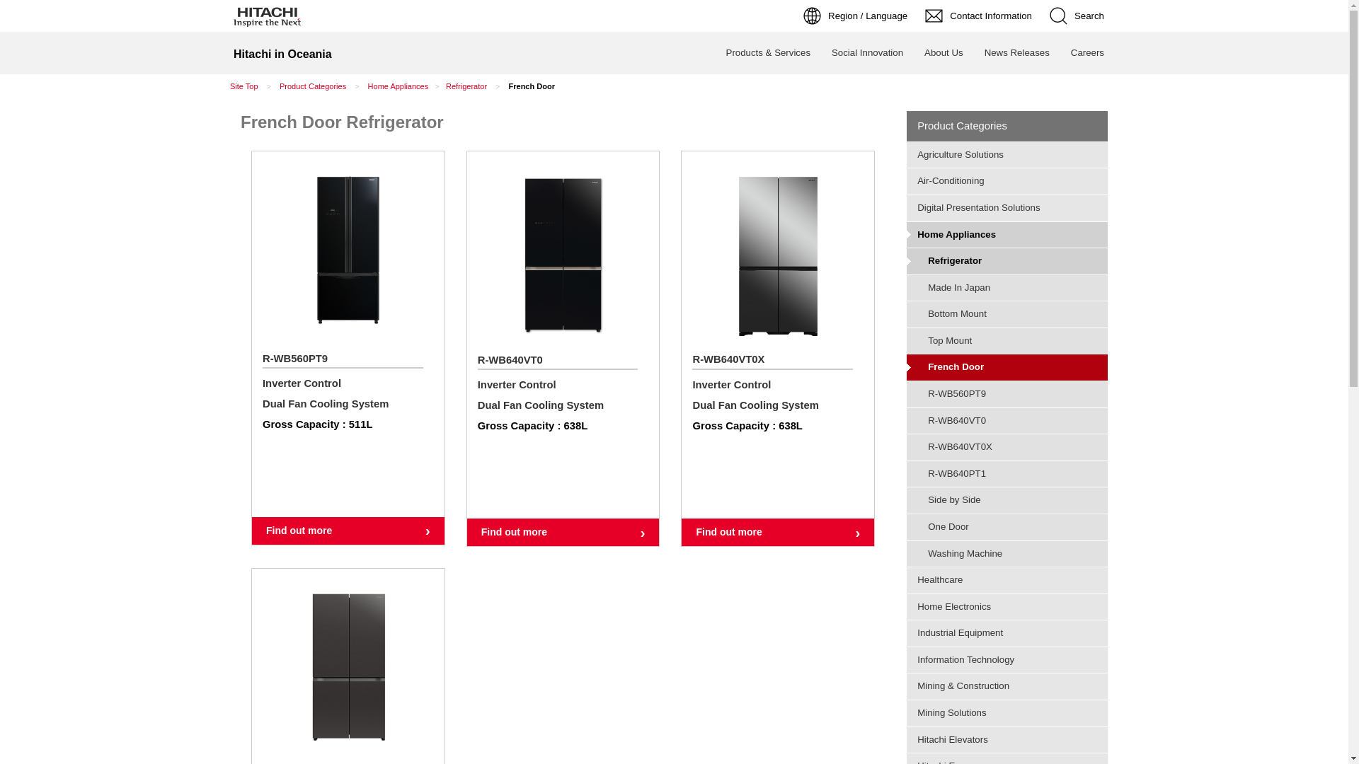 Image resolution: width=1359 pixels, height=764 pixels. I want to click on 'Mining Solutions', so click(1006, 712).